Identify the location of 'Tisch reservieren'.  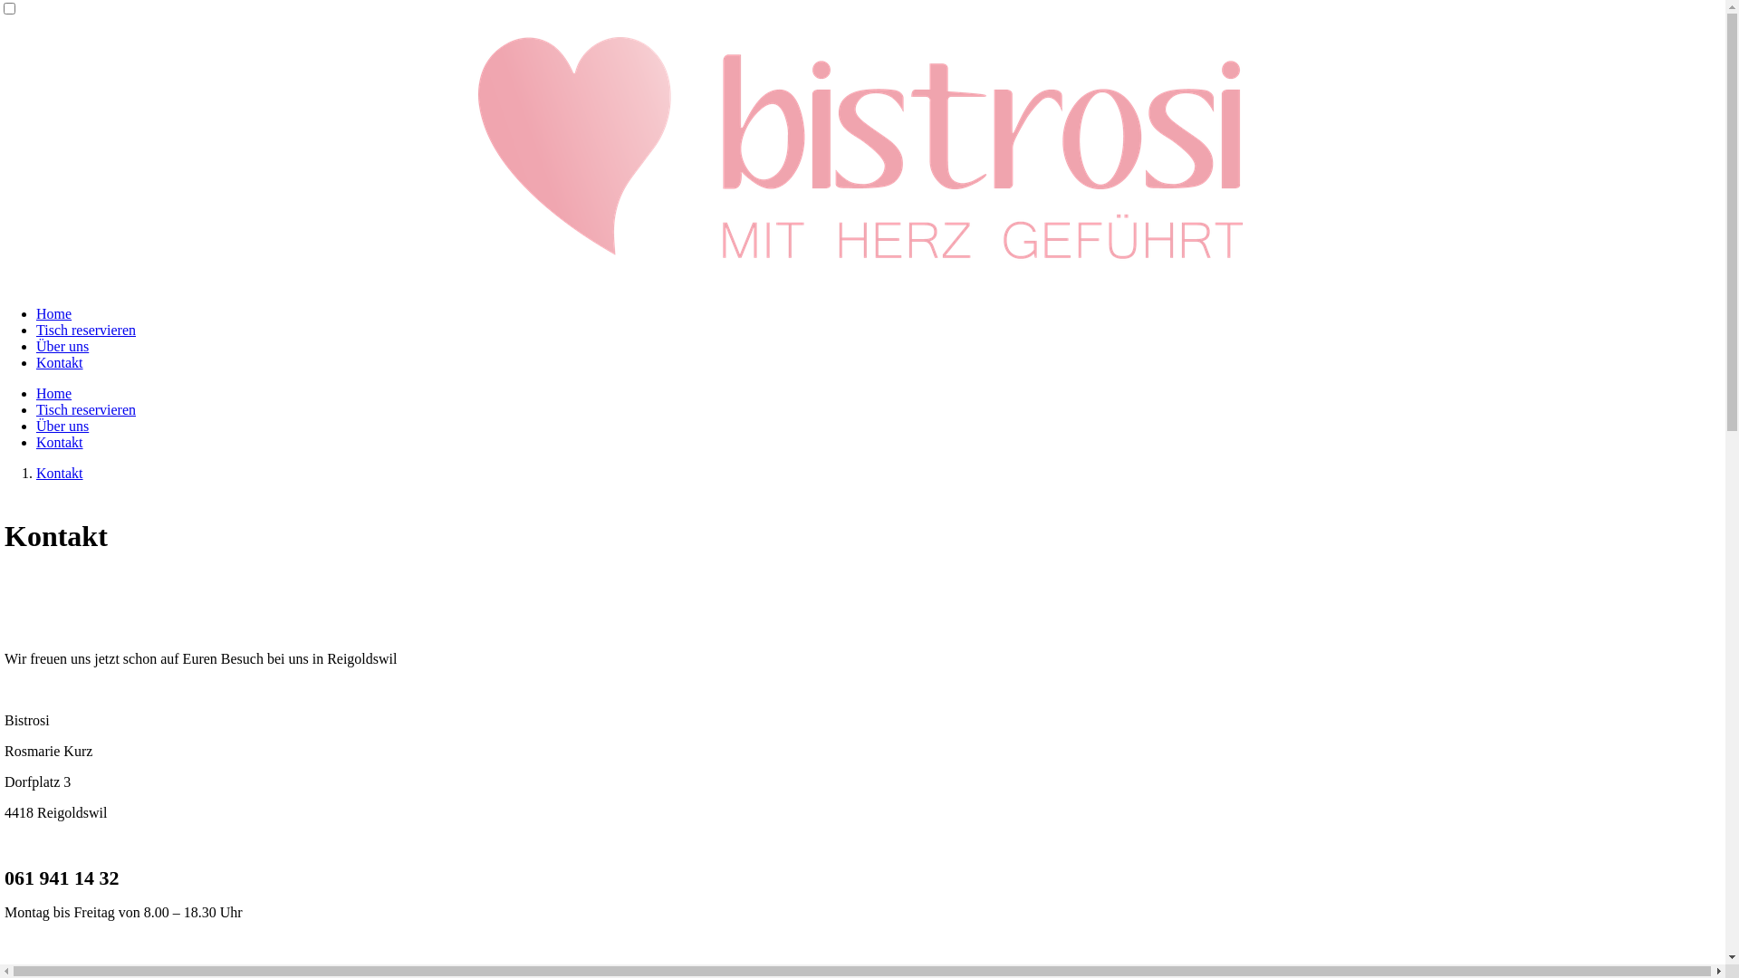
(35, 330).